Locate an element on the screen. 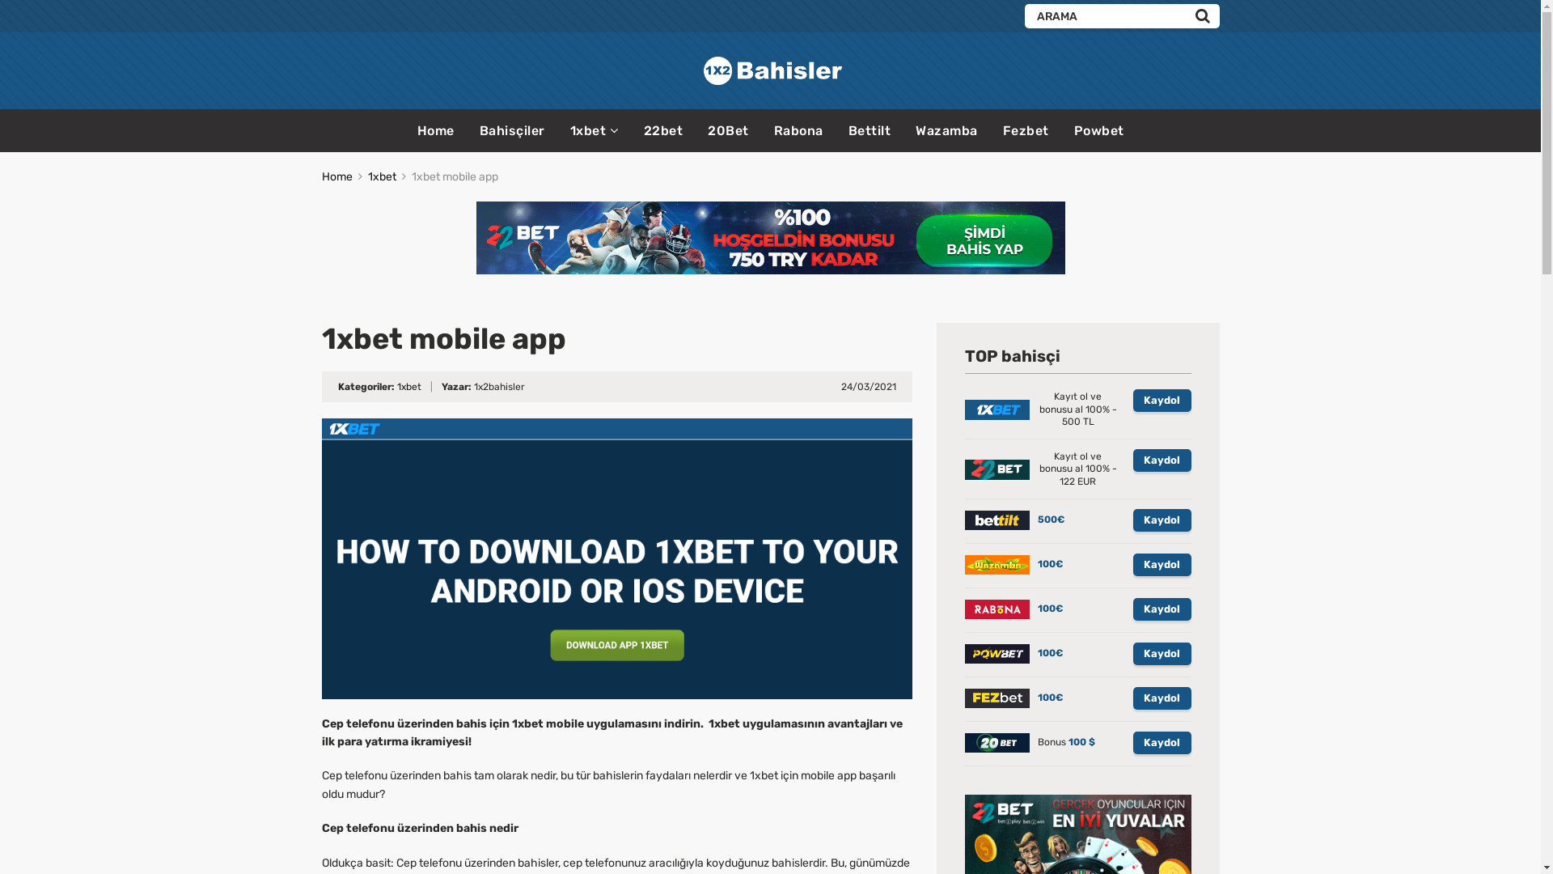  'Fezbet' is located at coordinates (1025, 130).